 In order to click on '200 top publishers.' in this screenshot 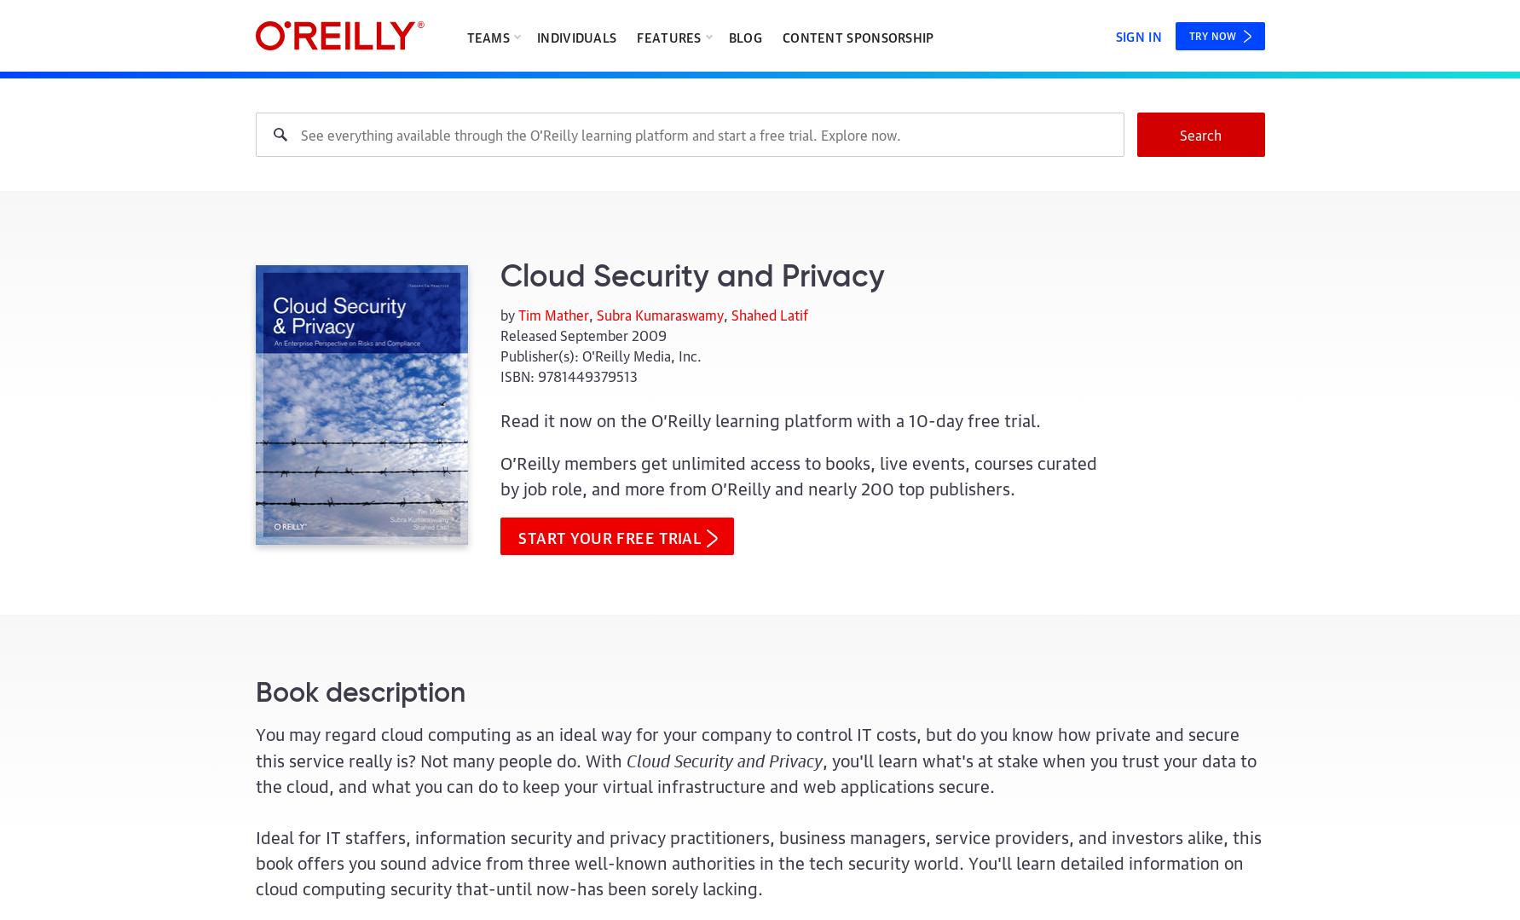, I will do `click(937, 486)`.